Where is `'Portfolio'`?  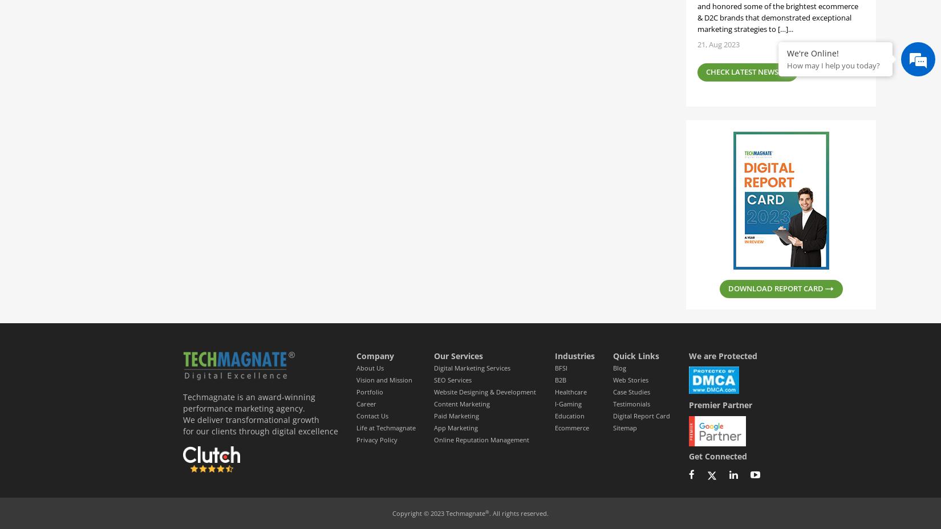
'Portfolio' is located at coordinates (369, 392).